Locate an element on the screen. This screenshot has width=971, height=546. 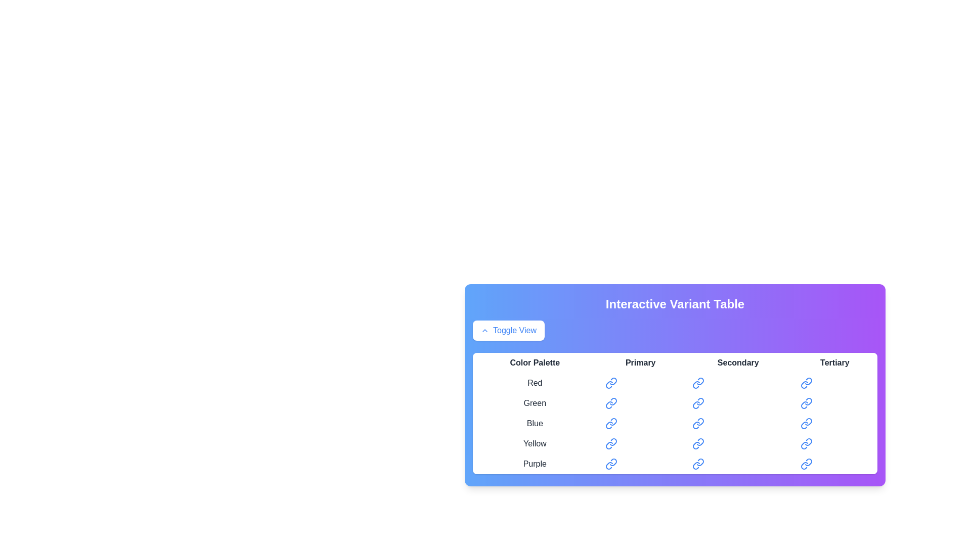
the Hyperlink icon, which is a blue chain link styled element located in the 'Interactive Variant Table' under the 'Secondary' column and the row for 'Purple' is located at coordinates (697, 464).